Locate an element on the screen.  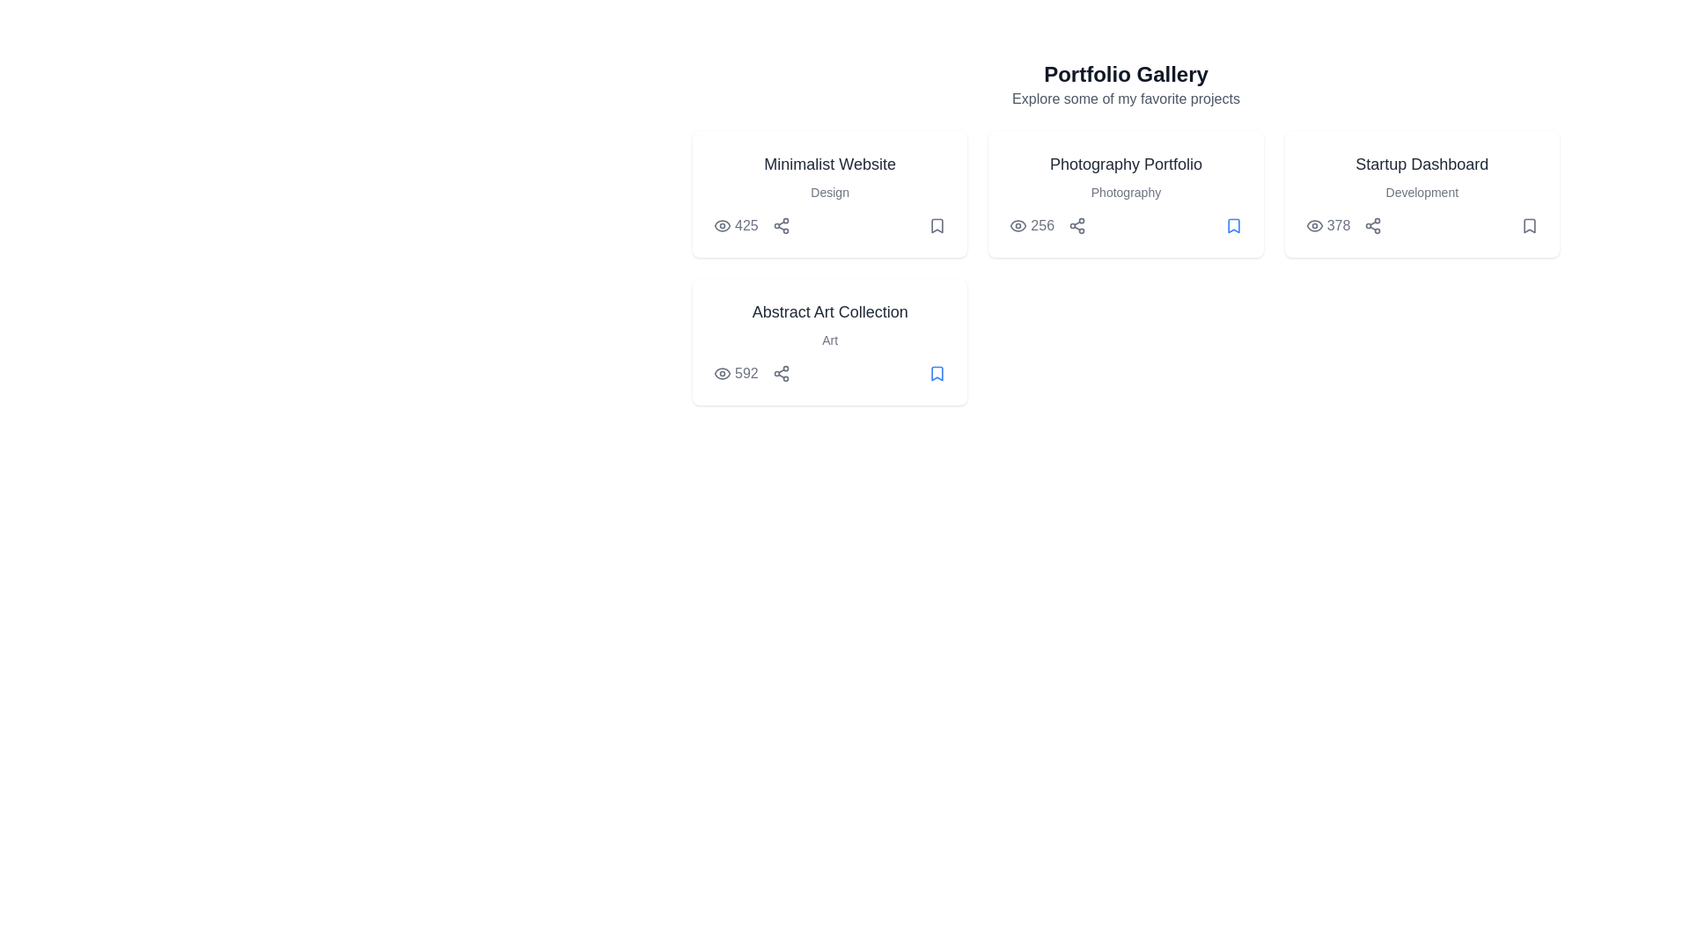
the text label displaying 'Art' in gray color, located below the main heading of the 'Abstract Art Collection' card is located at coordinates (829, 340).